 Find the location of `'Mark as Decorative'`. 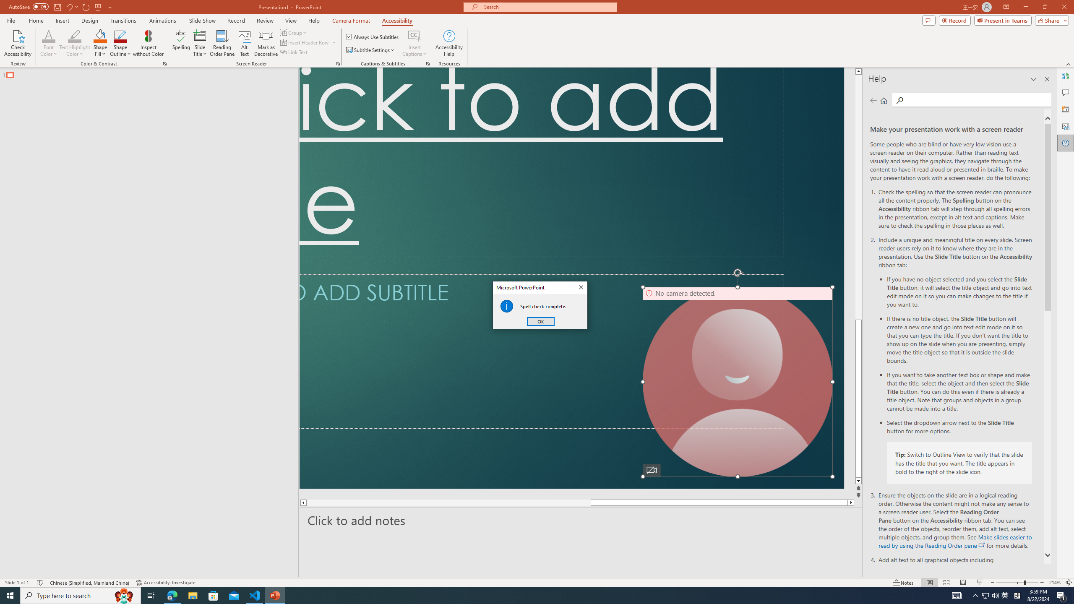

'Mark as Decorative' is located at coordinates (266, 43).